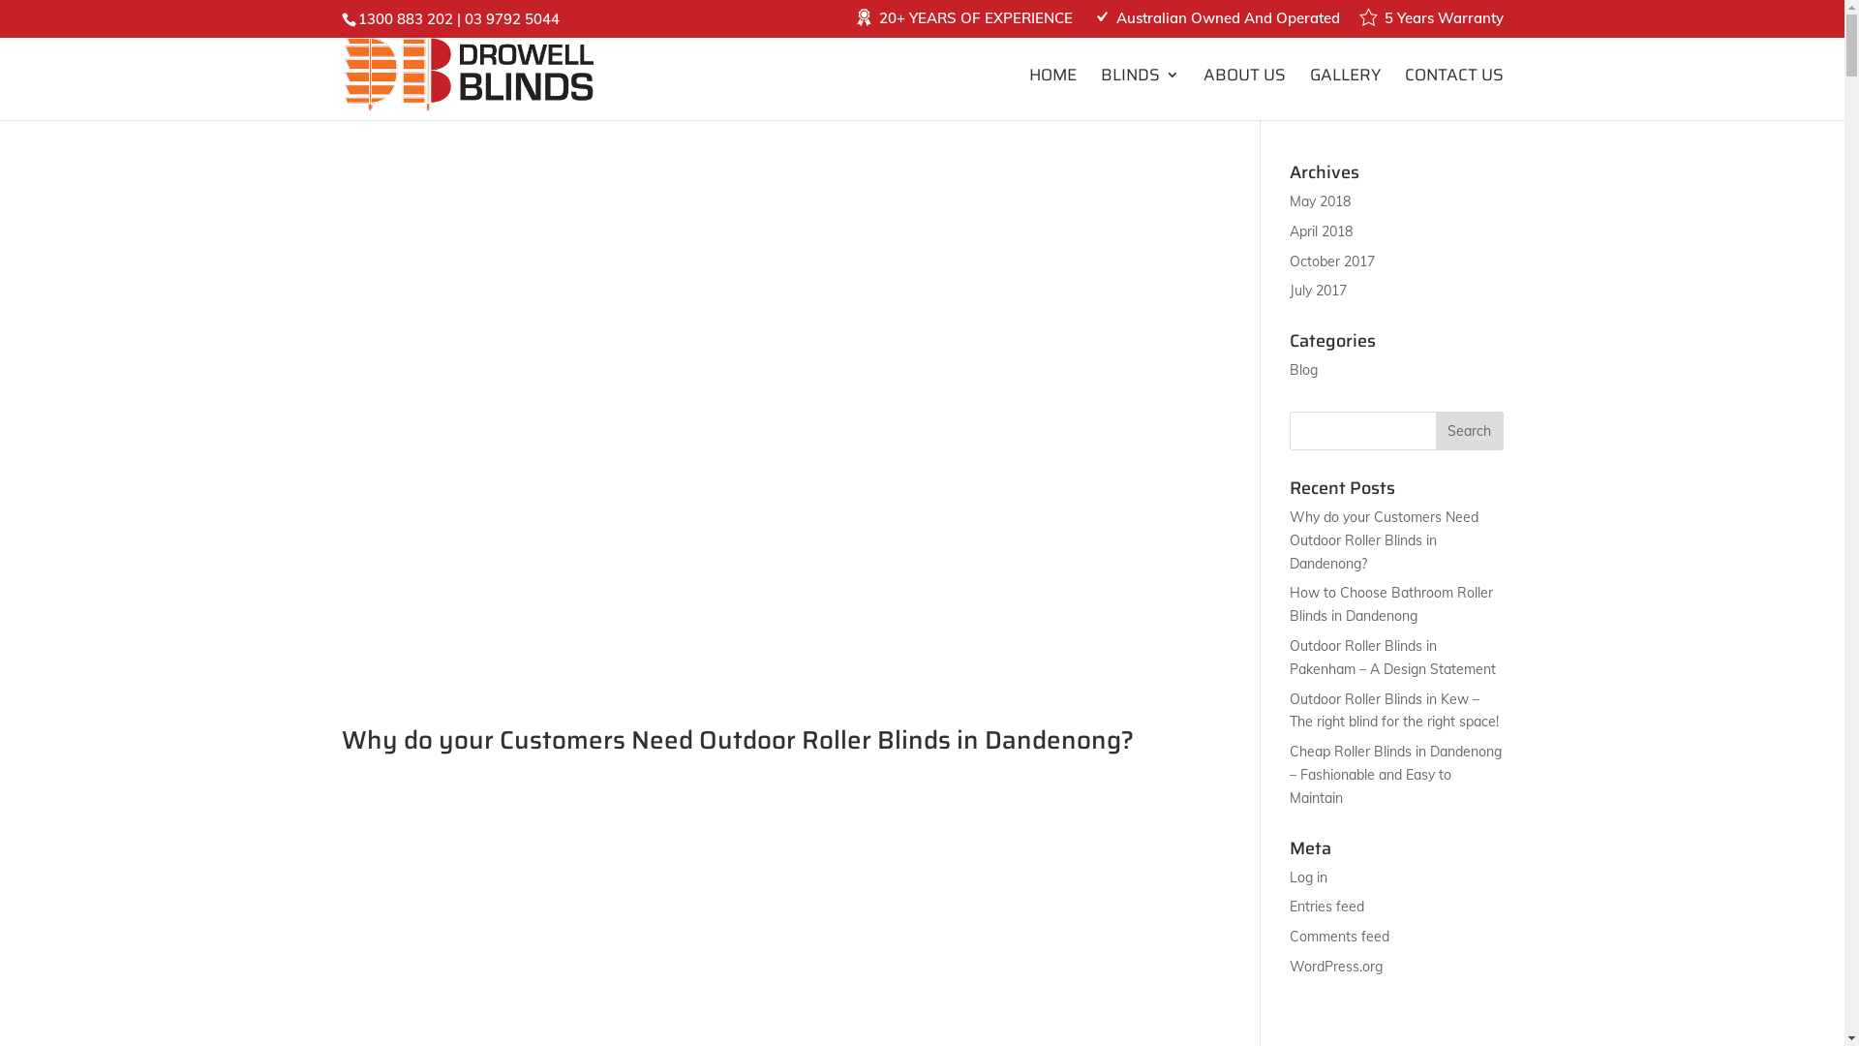 This screenshot has width=1859, height=1046. I want to click on 'ABOUT US', so click(1243, 93).